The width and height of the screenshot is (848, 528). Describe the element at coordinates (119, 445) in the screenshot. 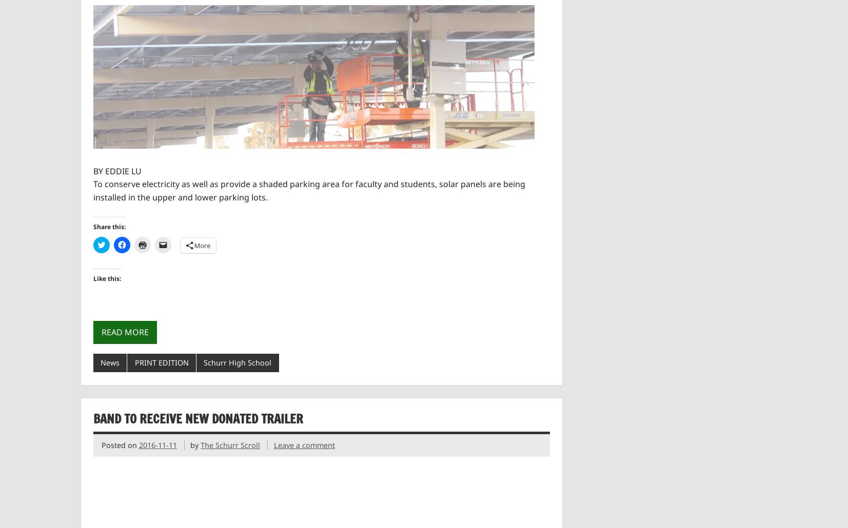

I see `'Posted on'` at that location.